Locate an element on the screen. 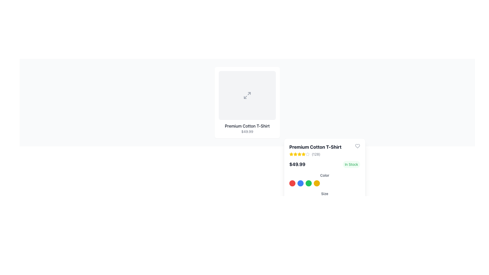 The image size is (489, 275). the text label reading 'Size' located below the circular color selectors in the product detail popup is located at coordinates (324, 195).